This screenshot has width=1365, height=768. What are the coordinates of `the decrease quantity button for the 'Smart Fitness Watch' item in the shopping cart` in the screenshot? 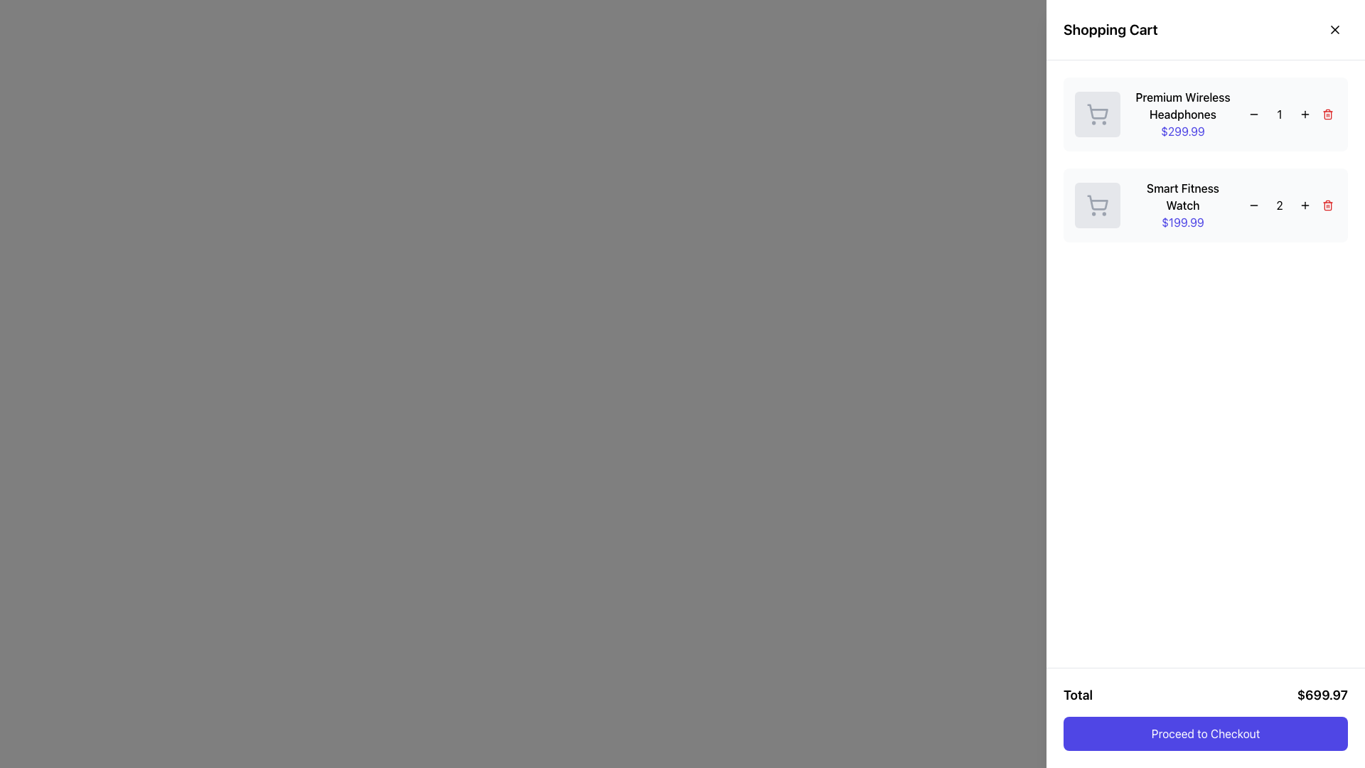 It's located at (1253, 206).